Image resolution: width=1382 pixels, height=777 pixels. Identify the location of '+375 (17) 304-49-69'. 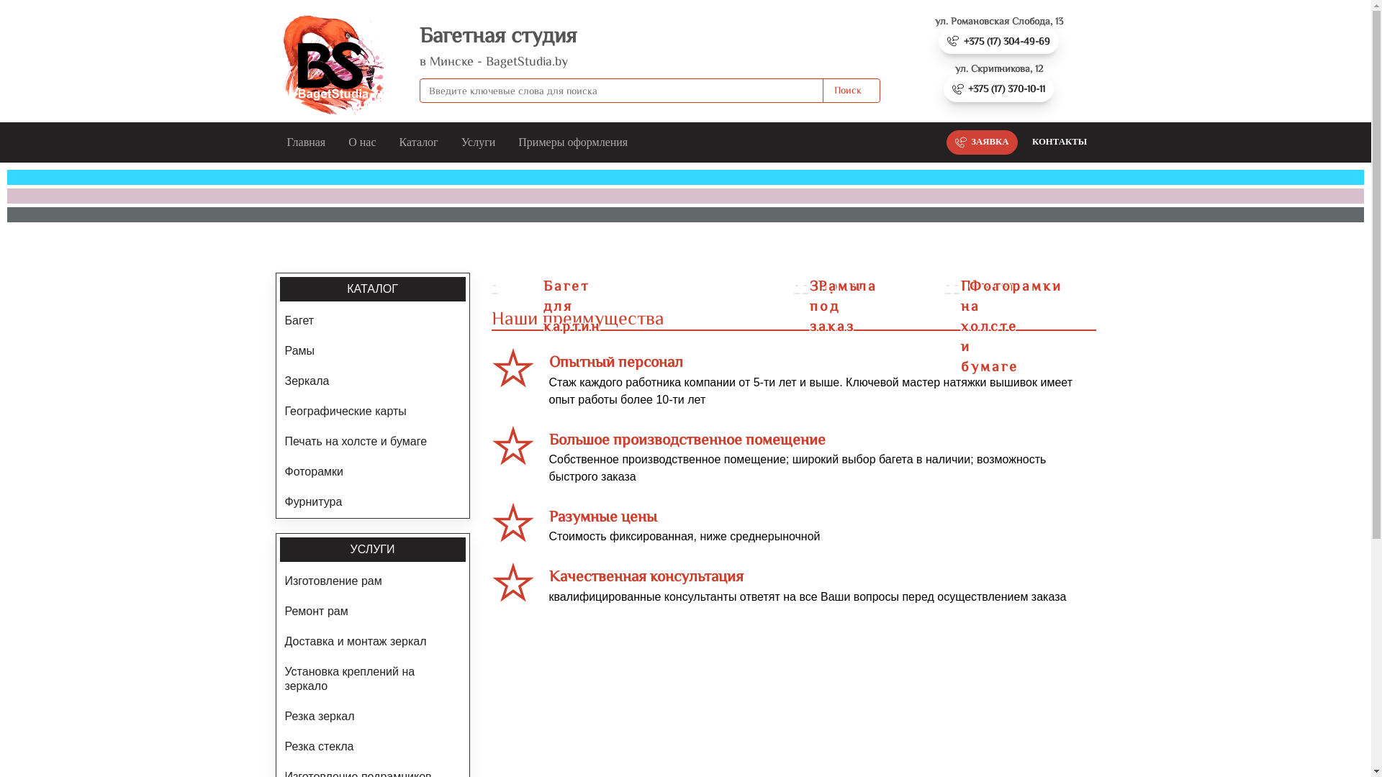
(998, 40).